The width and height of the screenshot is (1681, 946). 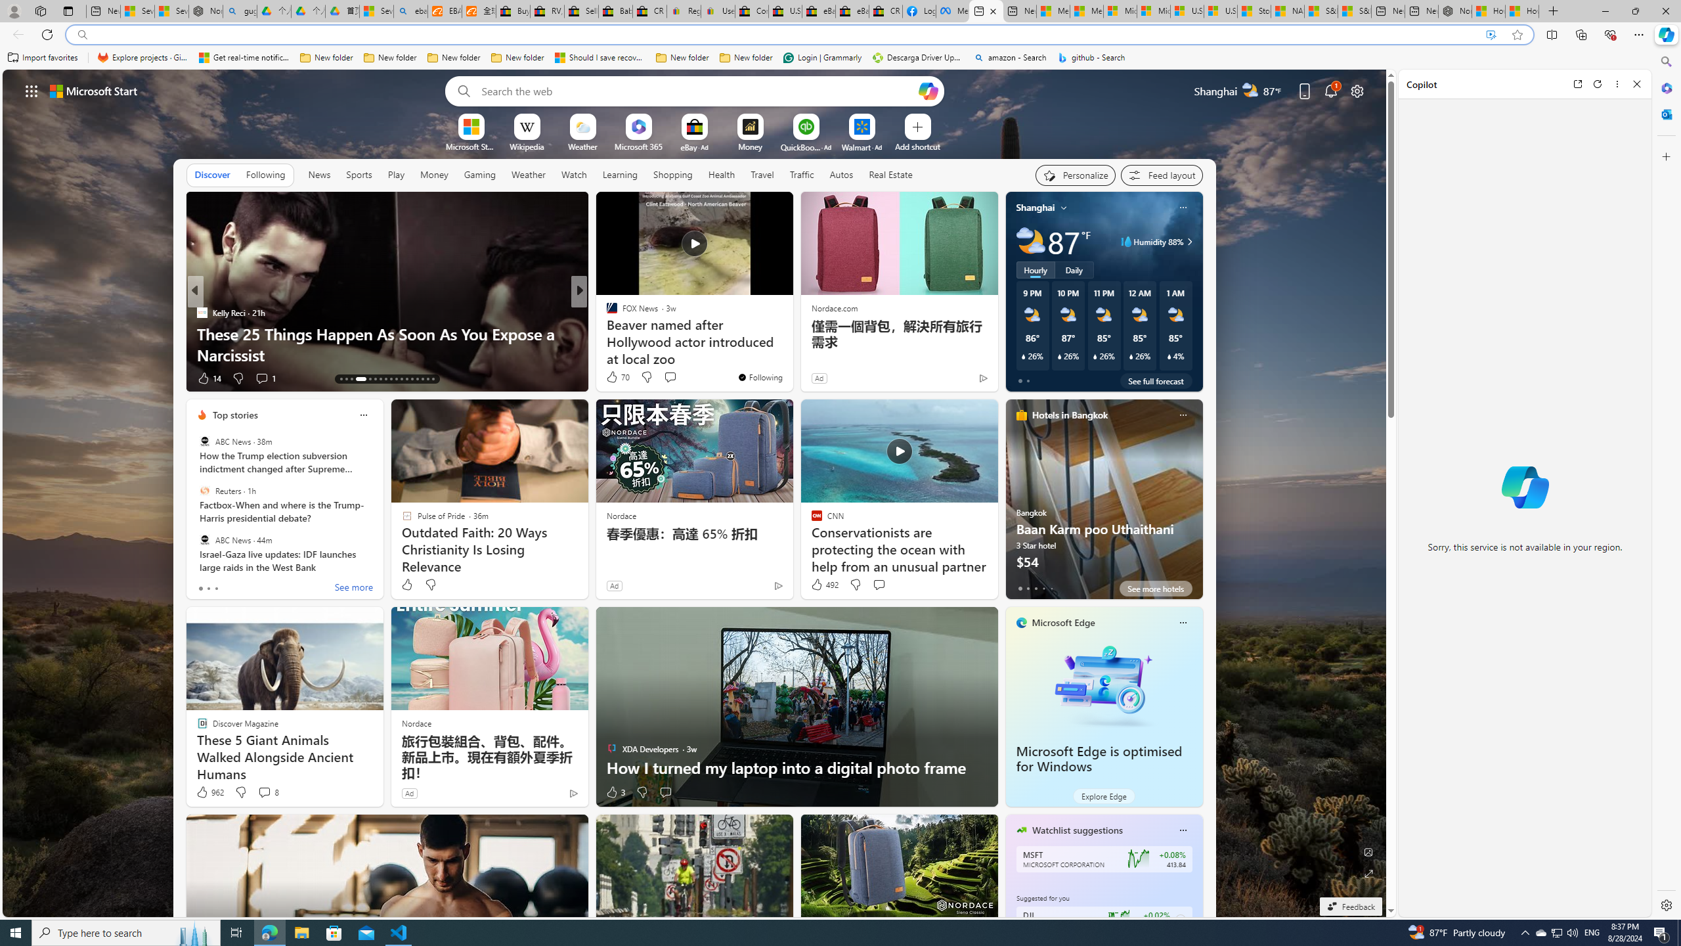 What do you see at coordinates (427, 379) in the screenshot?
I see `'AutomationID: tab-34'` at bounding box center [427, 379].